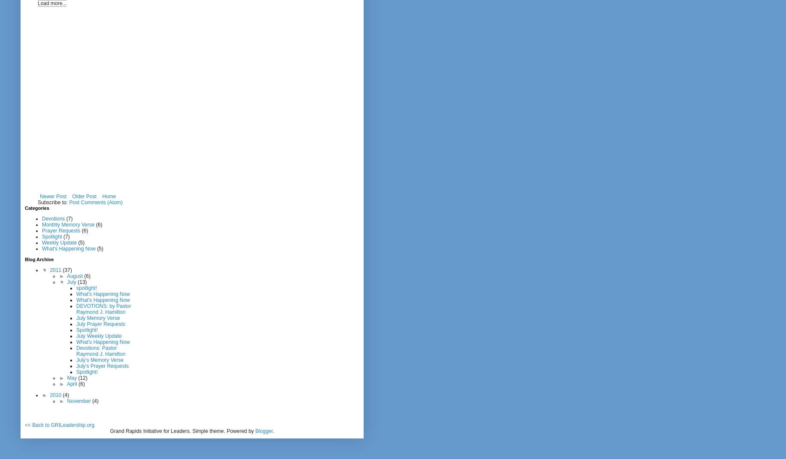 The image size is (786, 459). Describe the element at coordinates (273, 430) in the screenshot. I see `'.'` at that location.